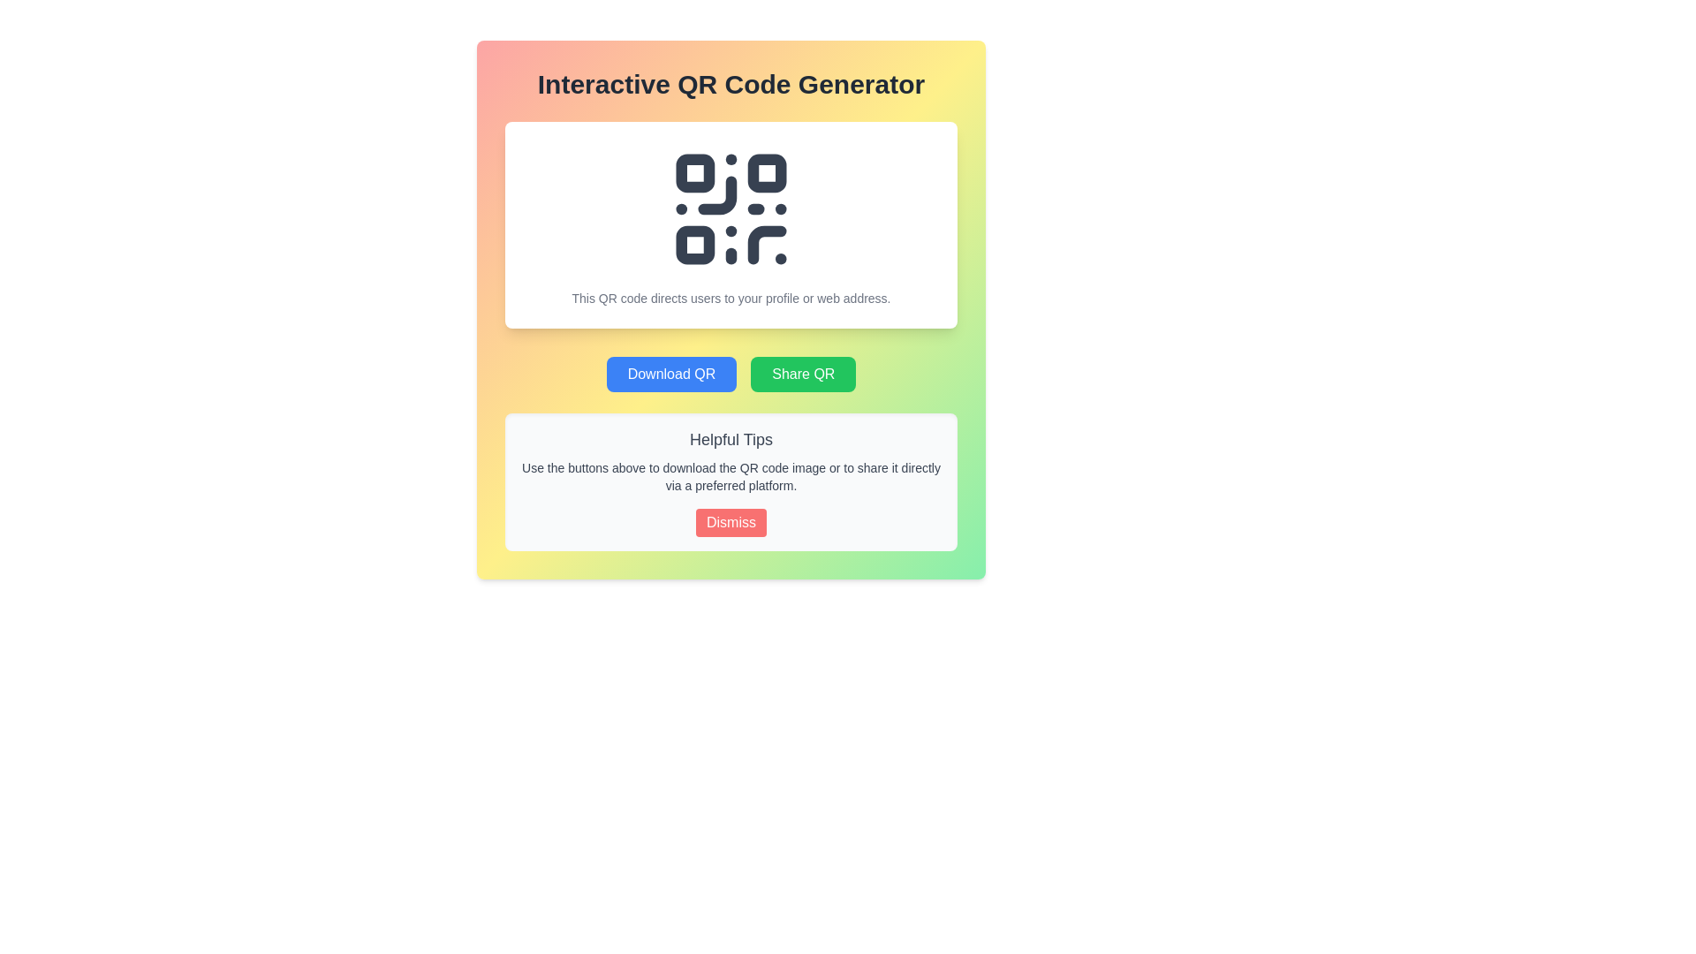 Image resolution: width=1696 pixels, height=954 pixels. I want to click on the QR code graphic element, so click(731, 208).